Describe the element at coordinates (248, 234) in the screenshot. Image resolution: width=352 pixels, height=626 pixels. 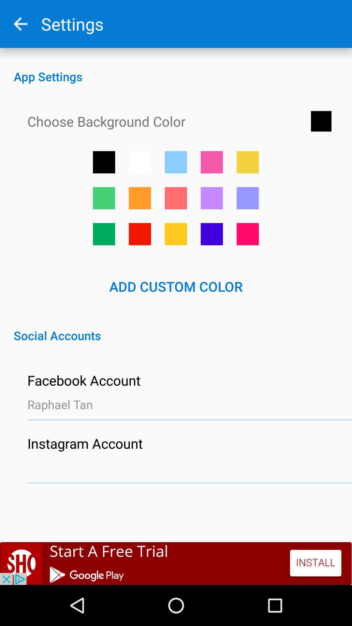
I see `set background color to dark pink` at that location.